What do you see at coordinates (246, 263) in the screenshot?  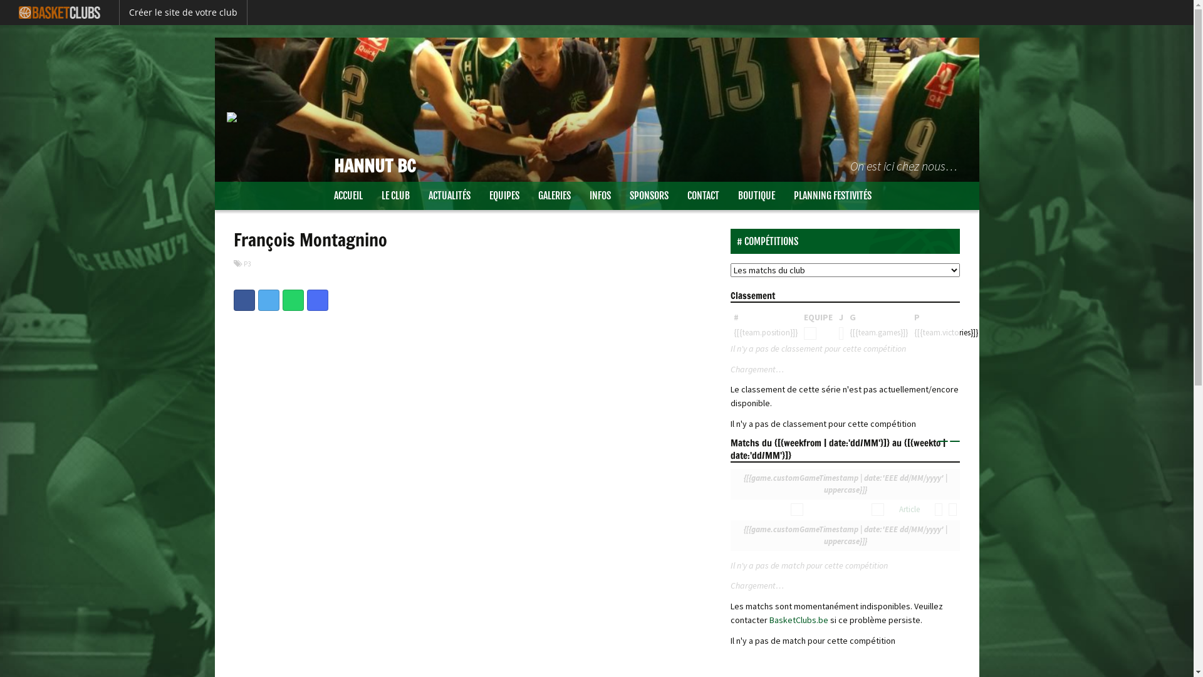 I see `'P3'` at bounding box center [246, 263].